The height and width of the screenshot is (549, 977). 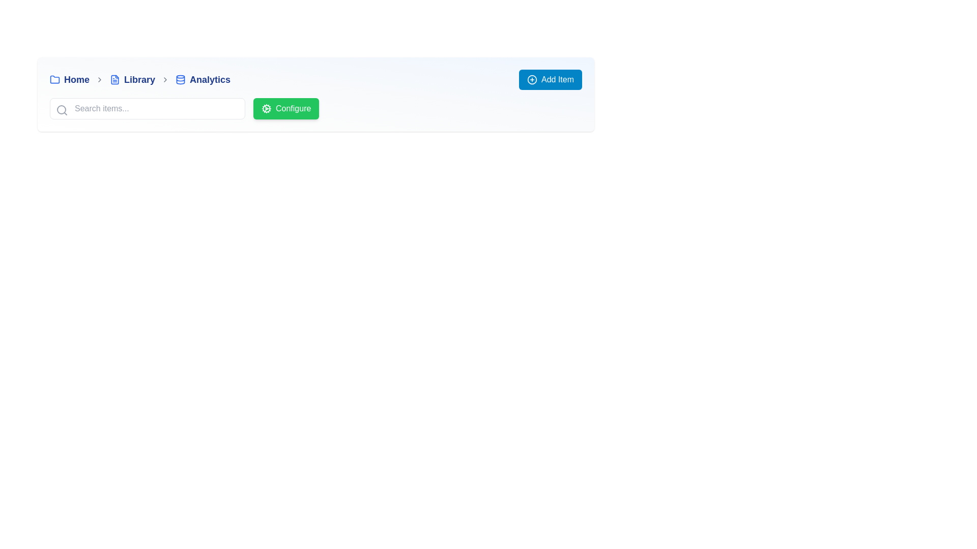 I want to click on the circular icon with a plus sign located to the left of the 'Add Item' button, which is positioned at the top-right corner of the interface, so click(x=532, y=79).